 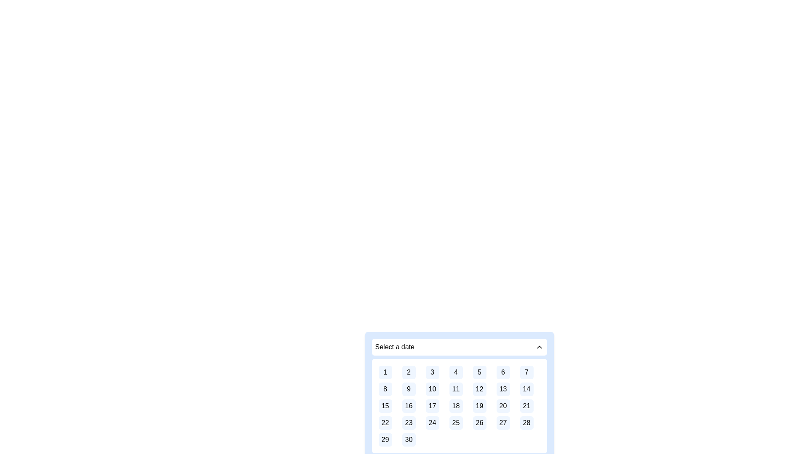 I want to click on the upward-pointing chevron icon located at the far right of the 'Select a date' text, so click(x=539, y=347).